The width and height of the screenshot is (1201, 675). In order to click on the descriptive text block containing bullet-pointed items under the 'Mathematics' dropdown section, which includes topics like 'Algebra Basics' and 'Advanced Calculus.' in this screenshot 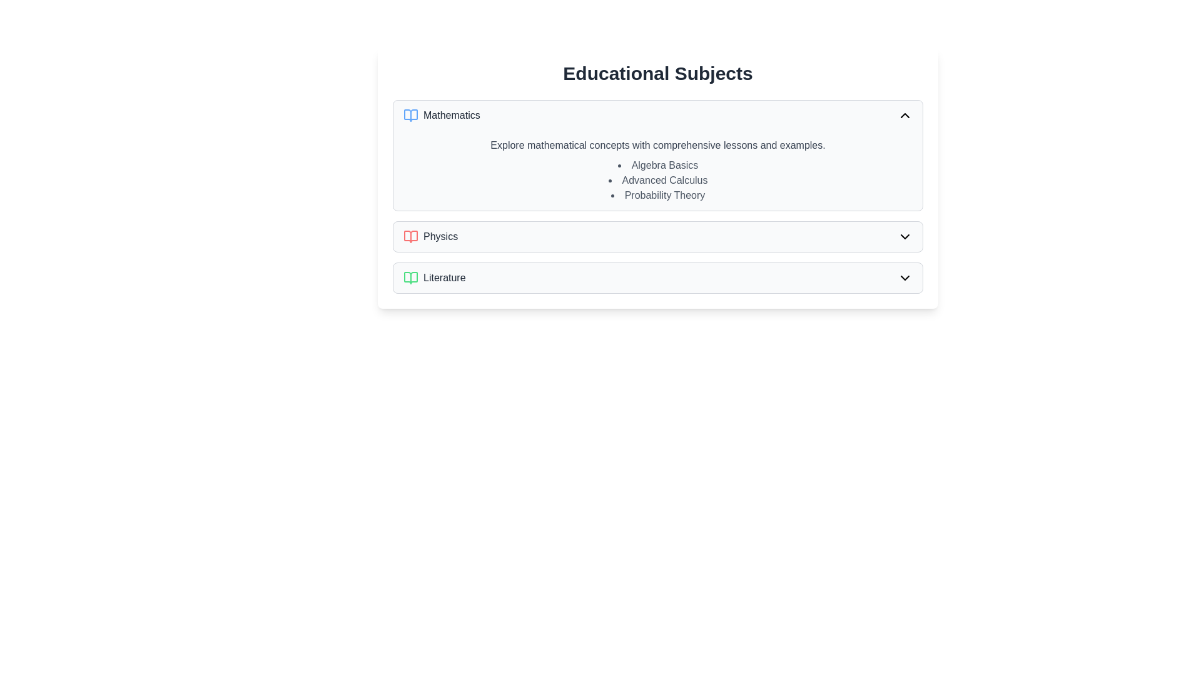, I will do `click(657, 171)`.